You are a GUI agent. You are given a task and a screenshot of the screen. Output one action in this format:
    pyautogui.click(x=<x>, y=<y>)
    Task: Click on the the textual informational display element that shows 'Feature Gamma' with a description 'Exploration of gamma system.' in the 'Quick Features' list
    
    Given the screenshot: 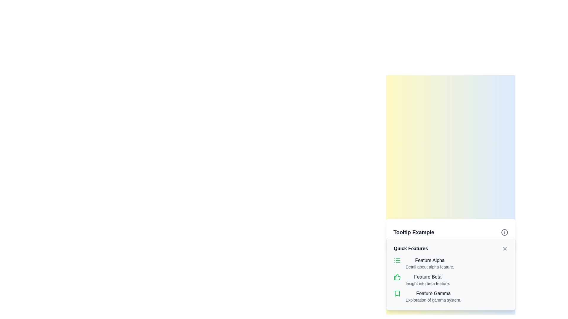 What is the action you would take?
    pyautogui.click(x=433, y=296)
    